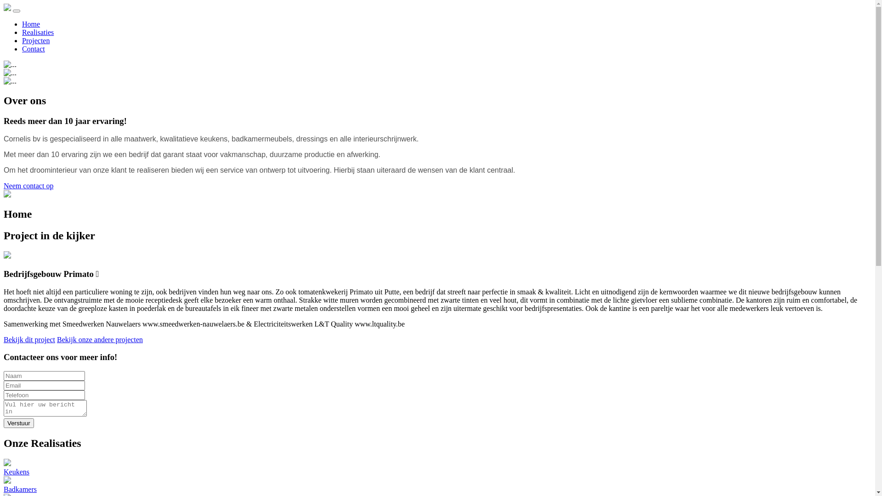 Image resolution: width=882 pixels, height=496 pixels. What do you see at coordinates (437, 485) in the screenshot?
I see `'Badkamers'` at bounding box center [437, 485].